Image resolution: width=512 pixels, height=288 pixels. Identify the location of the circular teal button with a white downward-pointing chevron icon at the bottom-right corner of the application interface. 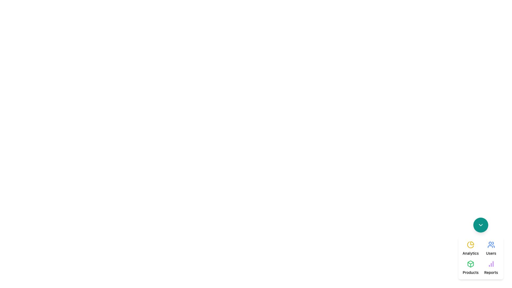
(481, 225).